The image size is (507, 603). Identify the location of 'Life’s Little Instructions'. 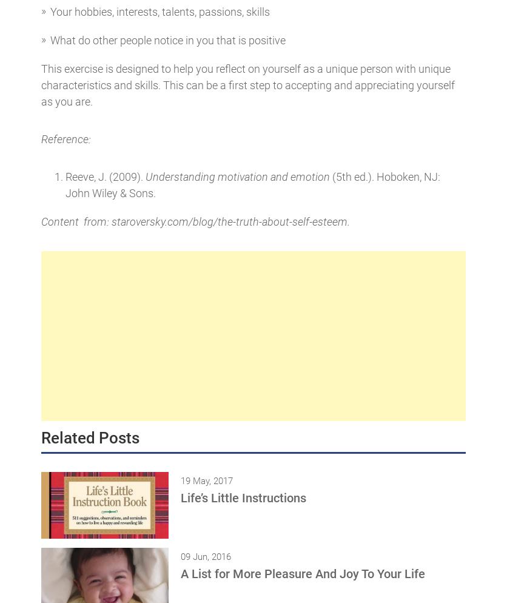
(243, 497).